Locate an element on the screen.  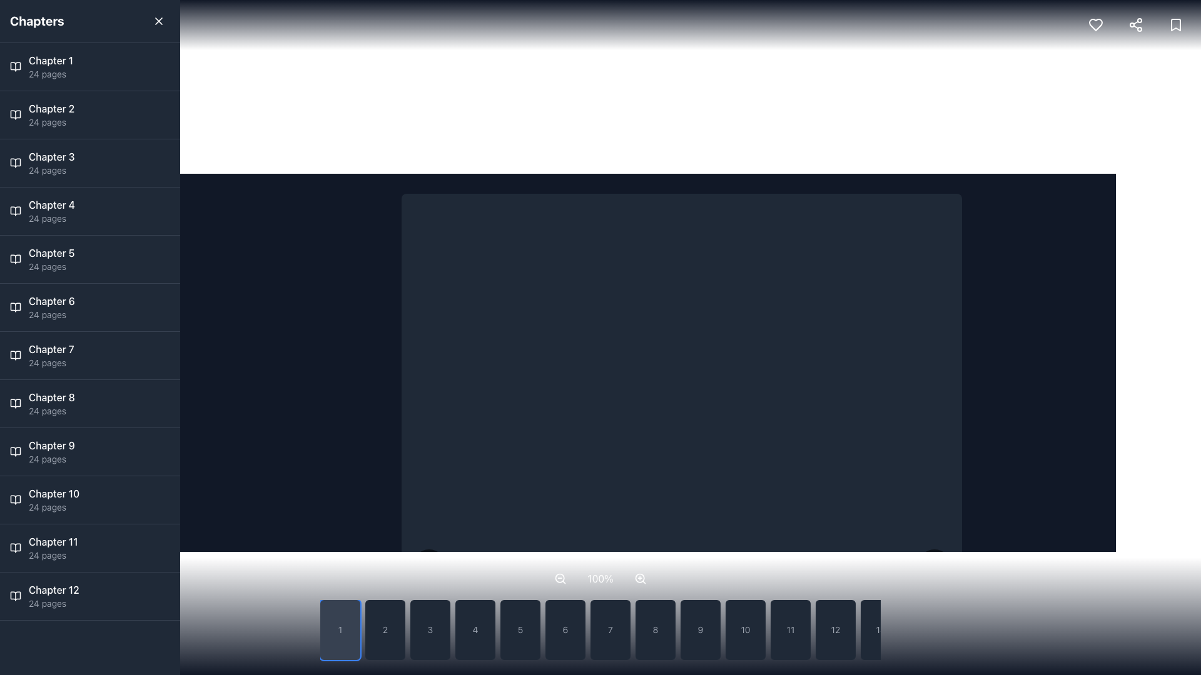
the first icon on the left side of the row displaying 'Chapter 6 24 pages' in the vertical navigation panel, which represents chapter or section information is located at coordinates (15, 307).